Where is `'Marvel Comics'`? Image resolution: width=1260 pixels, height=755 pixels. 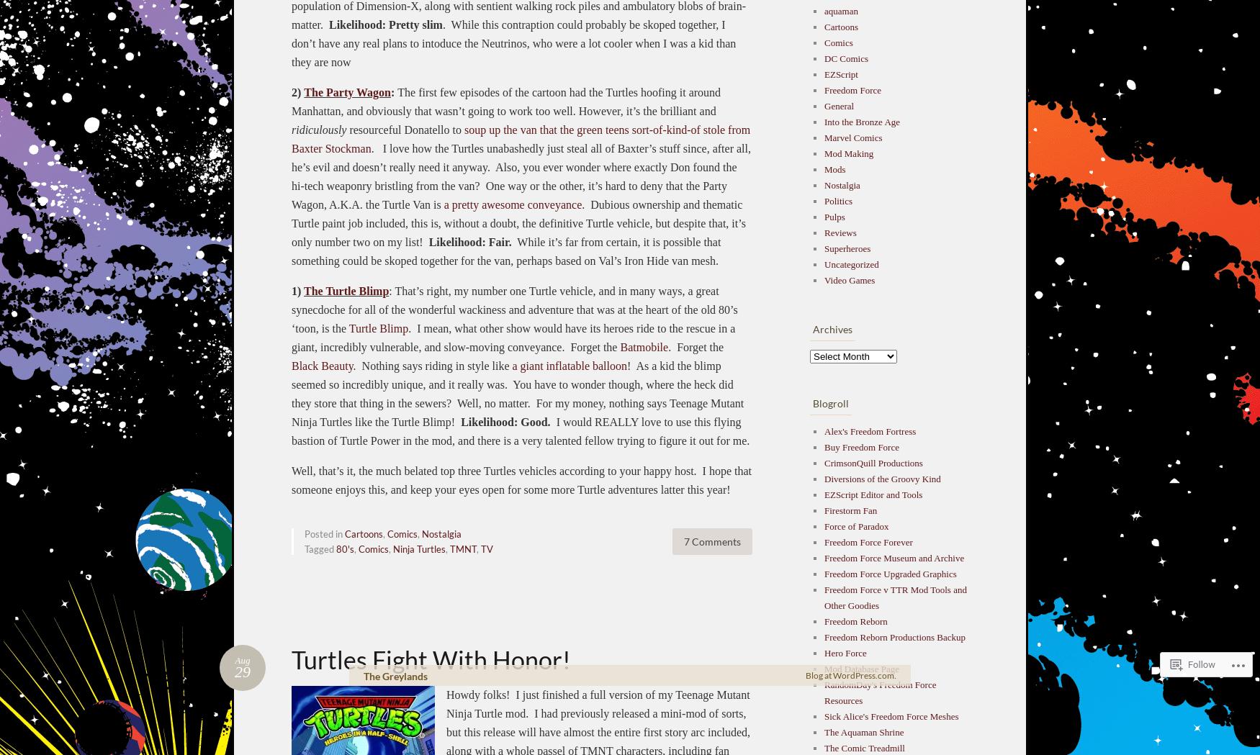 'Marvel Comics' is located at coordinates (852, 137).